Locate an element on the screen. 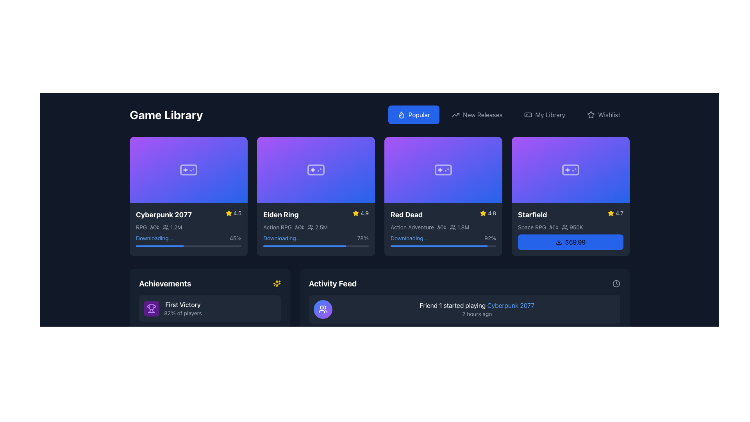 The width and height of the screenshot is (750, 422). the blue-colored text 'Cyberpunk 2077' in the text-based notification indicating that 'Friend 1 started playing Cyberpunk 2077' is located at coordinates (477, 309).